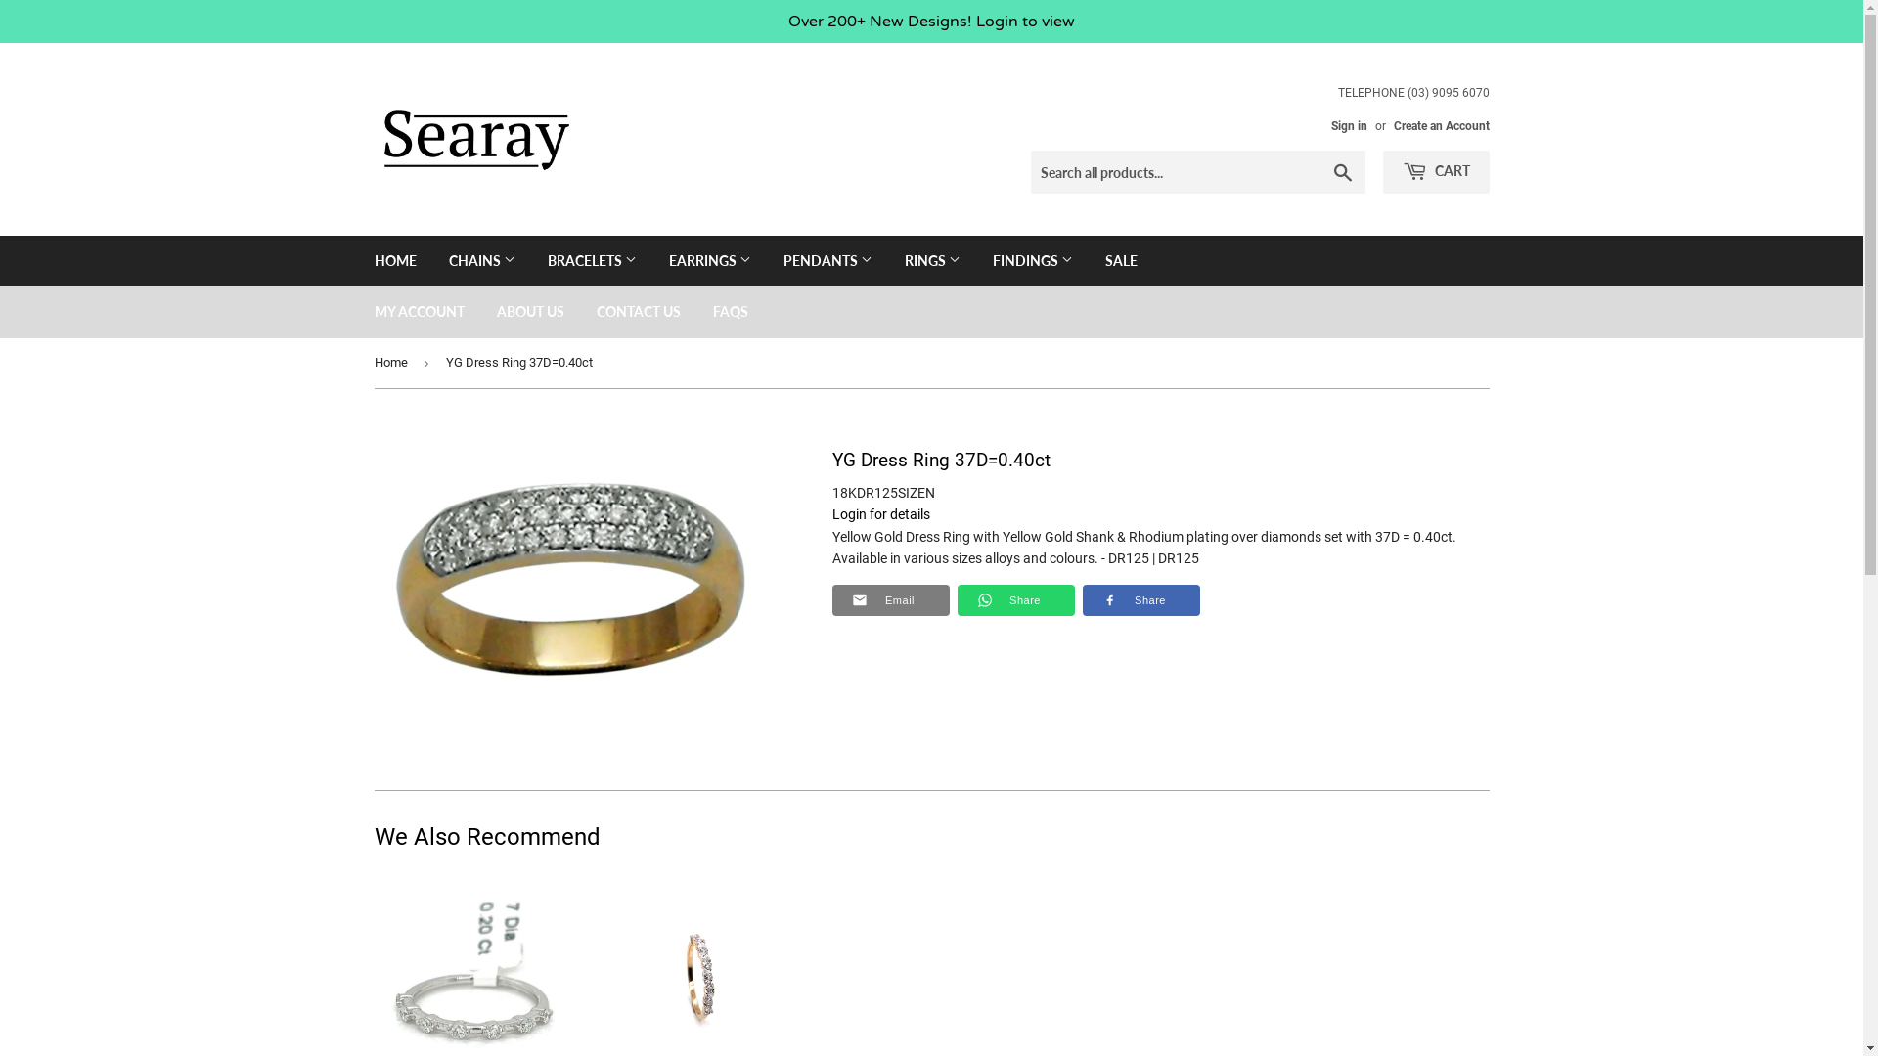  I want to click on 'ABOUT US', so click(480, 311).